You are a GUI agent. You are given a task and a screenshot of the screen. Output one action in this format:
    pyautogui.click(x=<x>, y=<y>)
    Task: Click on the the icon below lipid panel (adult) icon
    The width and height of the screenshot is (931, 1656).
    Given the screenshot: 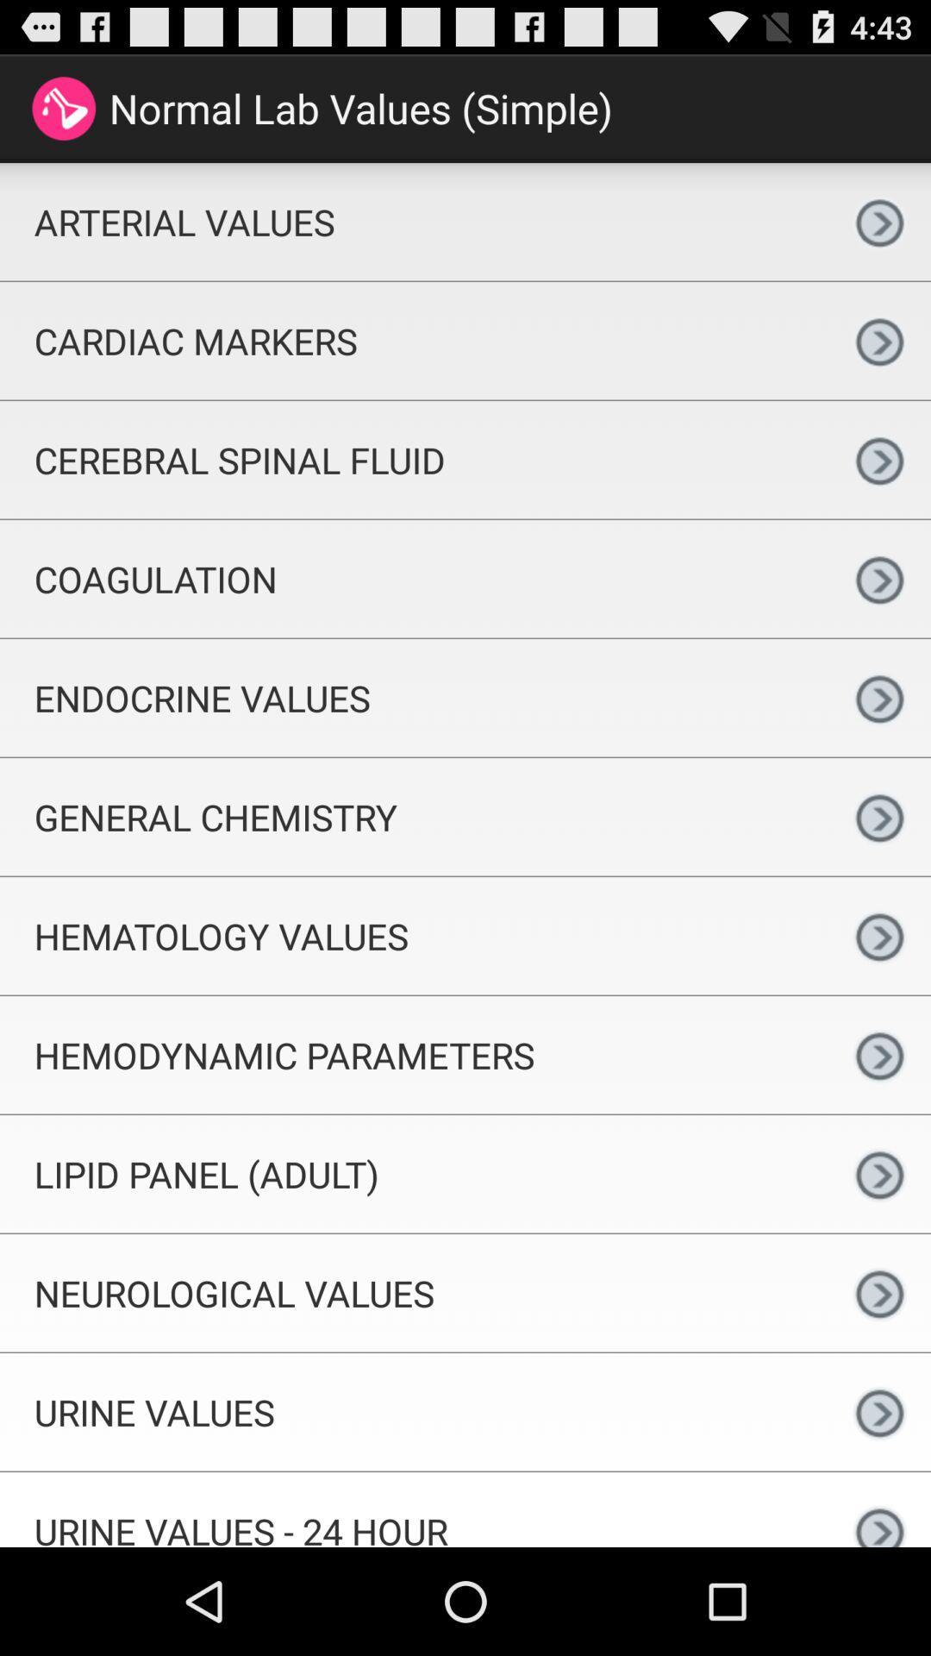 What is the action you would take?
    pyautogui.click(x=414, y=1293)
    